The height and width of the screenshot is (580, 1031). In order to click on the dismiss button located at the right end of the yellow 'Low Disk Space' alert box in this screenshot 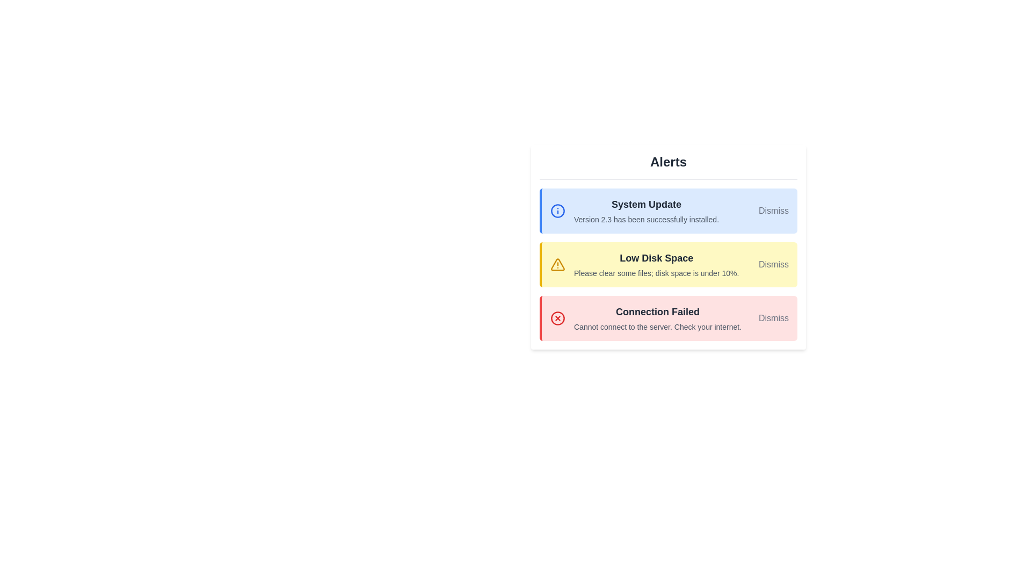, I will do `click(773, 265)`.